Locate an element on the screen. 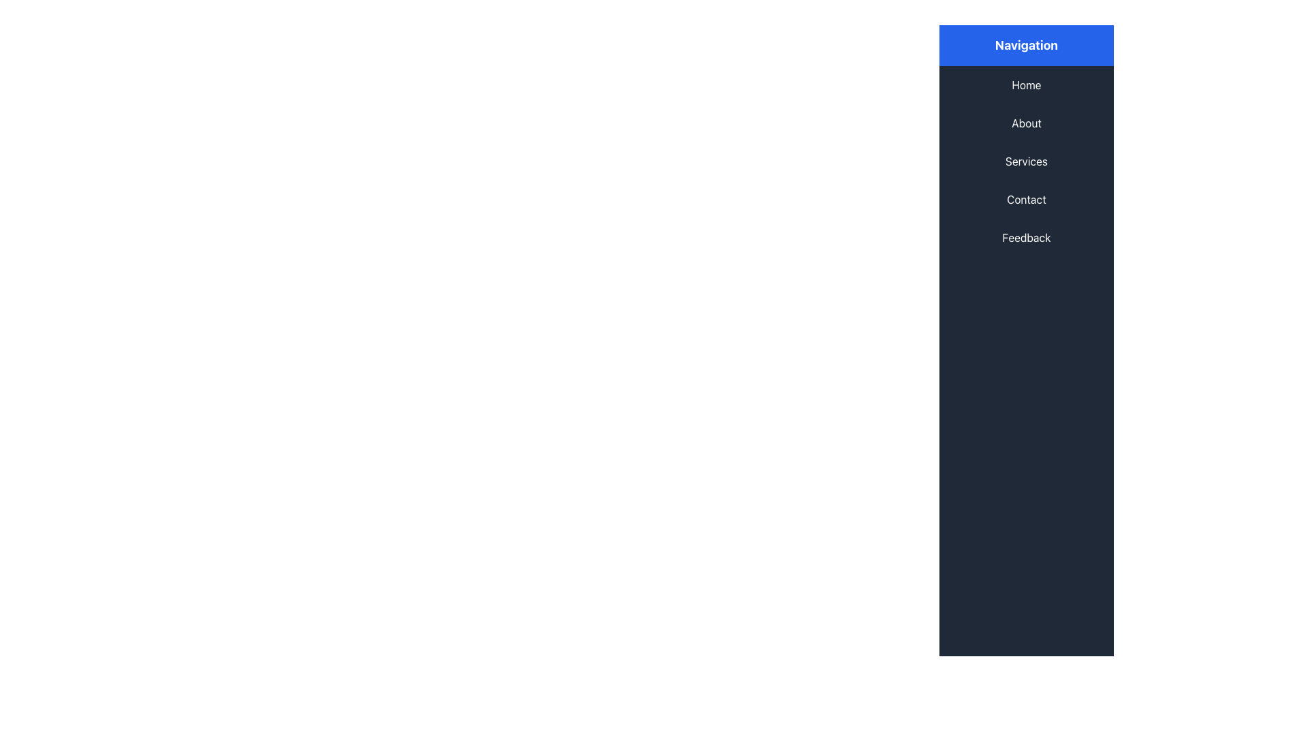 The image size is (1308, 736). the 'Services' navigation button located in the sidebar menu, which is the third button in a vertical list, positioned between 'About' and 'Contact' is located at coordinates (1027, 160).